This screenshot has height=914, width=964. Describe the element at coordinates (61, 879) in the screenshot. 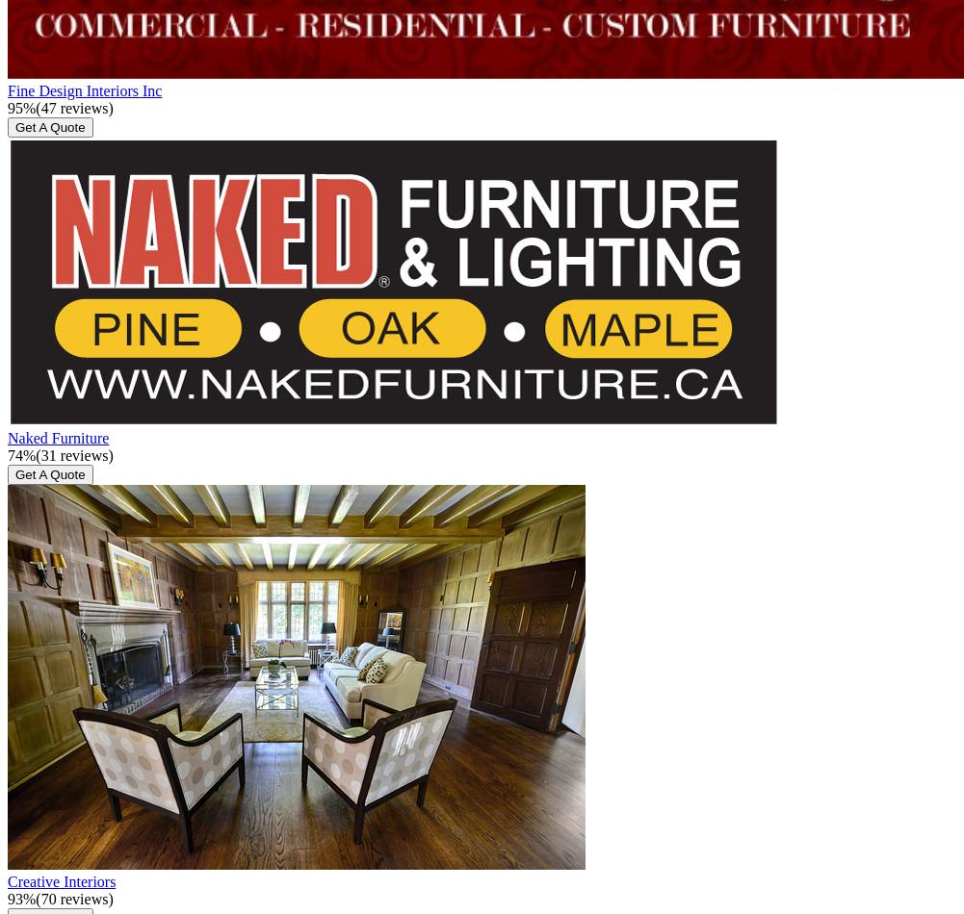

I see `'Creative Interiors'` at that location.